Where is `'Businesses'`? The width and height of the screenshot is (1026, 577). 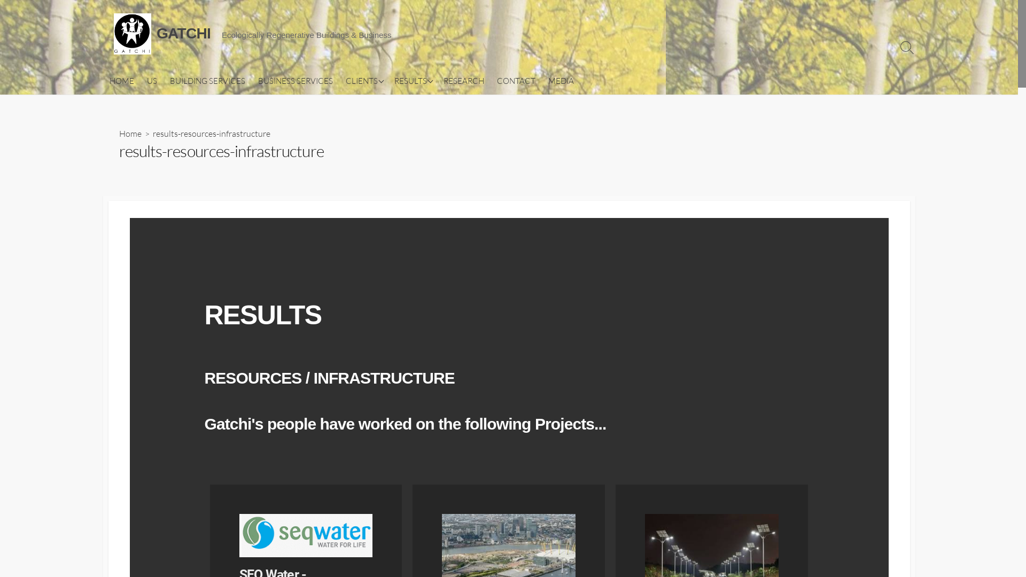
'Businesses' is located at coordinates (392, 175).